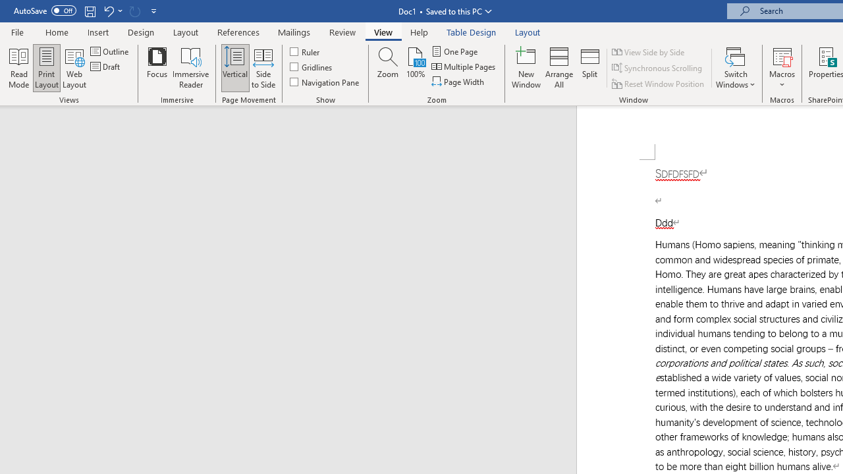 This screenshot has height=474, width=843. Describe the element at coordinates (464, 66) in the screenshot. I see `'Multiple Pages'` at that location.